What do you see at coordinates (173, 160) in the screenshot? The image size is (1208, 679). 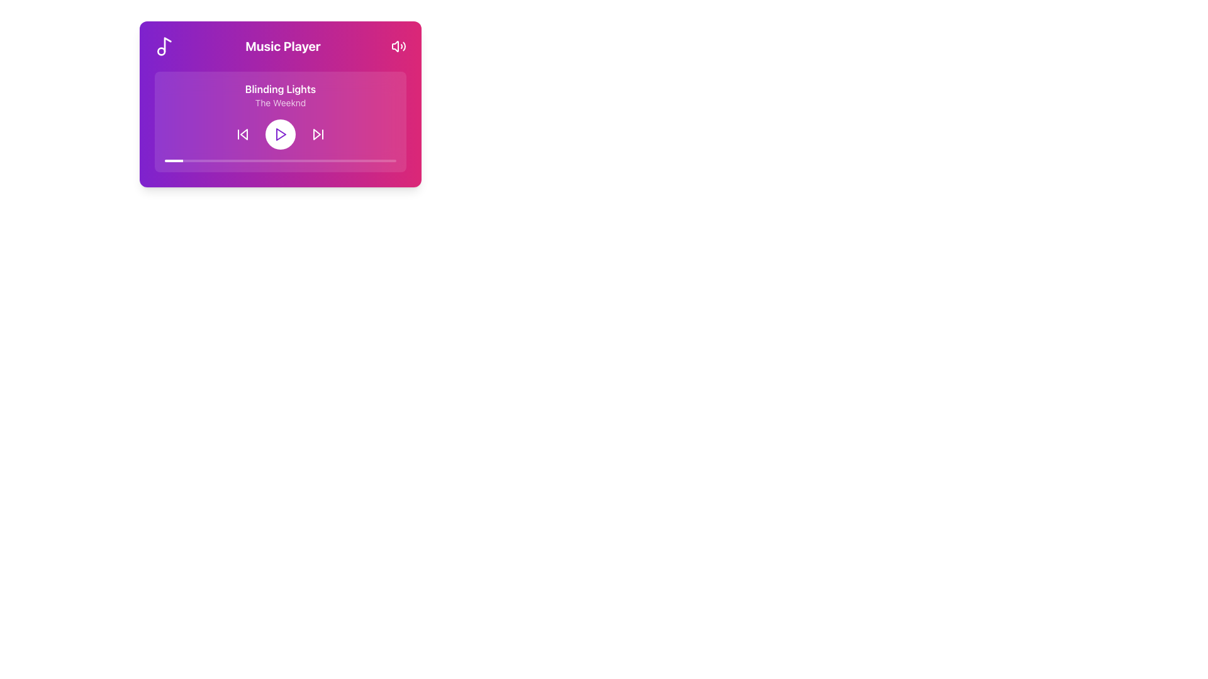 I see `the progress bar segment that represents the initial portion of the progression, located at the far-left edge of the progress bar` at bounding box center [173, 160].